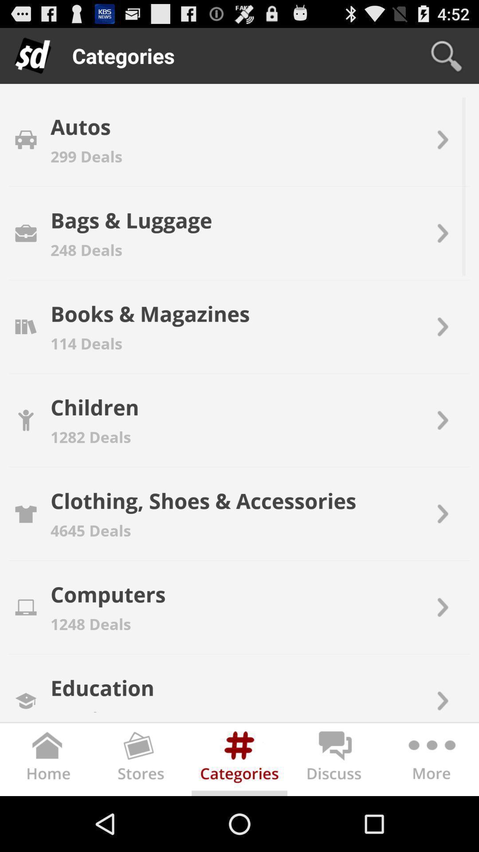  Describe the element at coordinates (239, 761) in the screenshot. I see `categories` at that location.